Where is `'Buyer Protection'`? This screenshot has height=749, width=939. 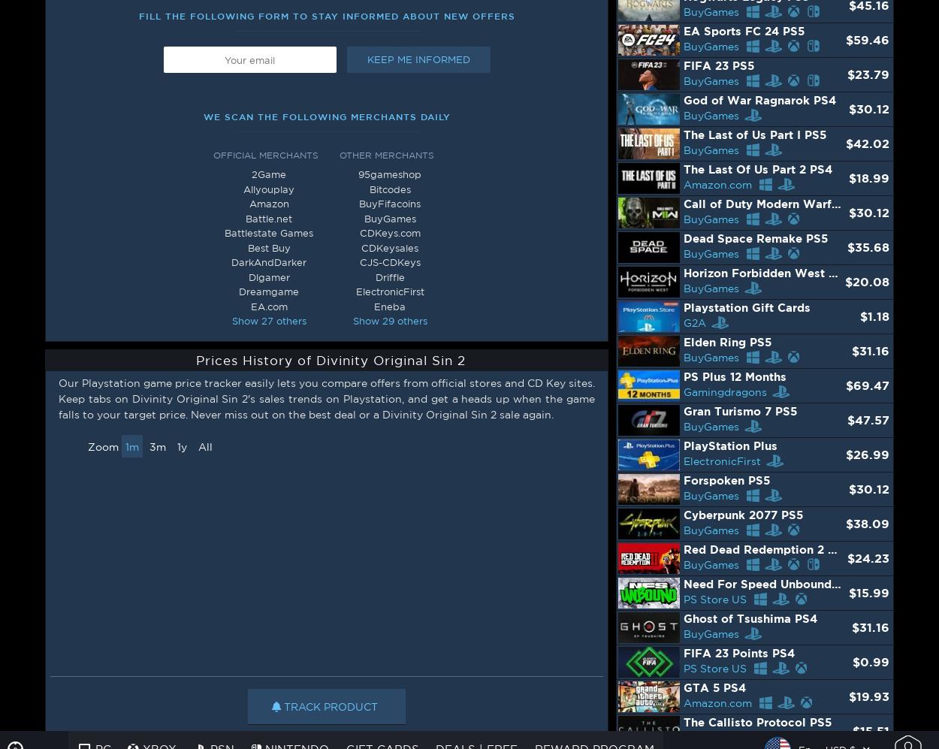 'Buyer Protection' is located at coordinates (765, 479).